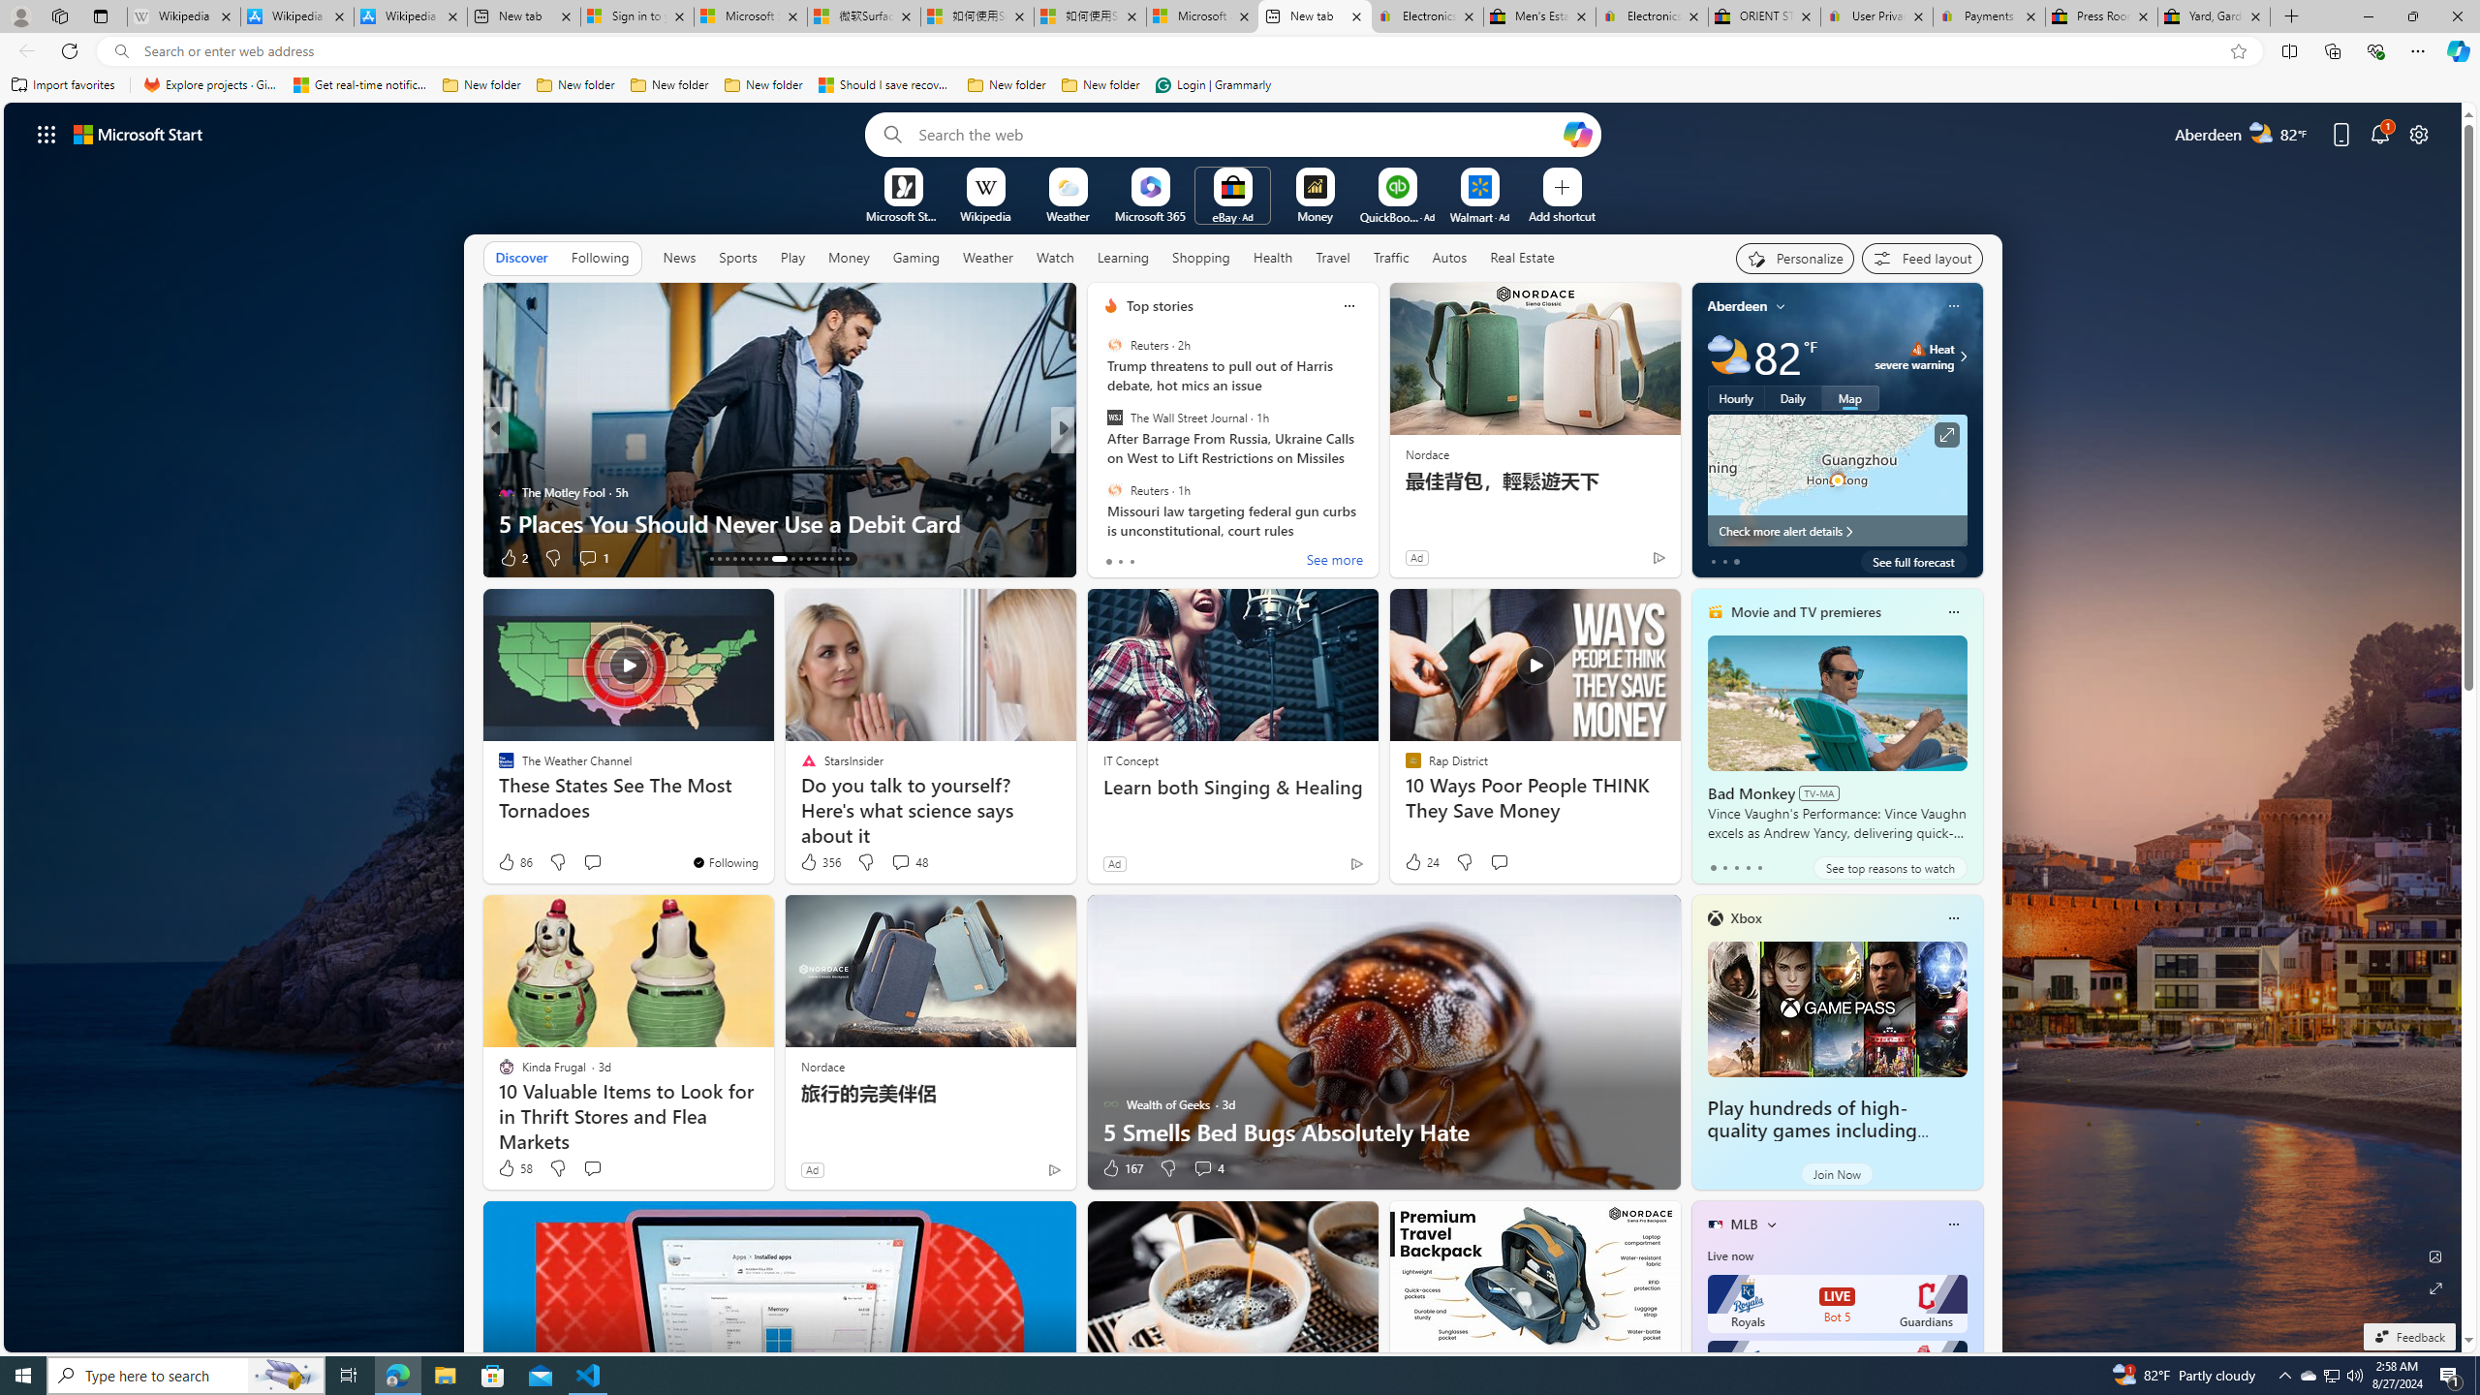 This screenshot has width=2480, height=1395. Describe the element at coordinates (1769, 1224) in the screenshot. I see `'More interests'` at that location.